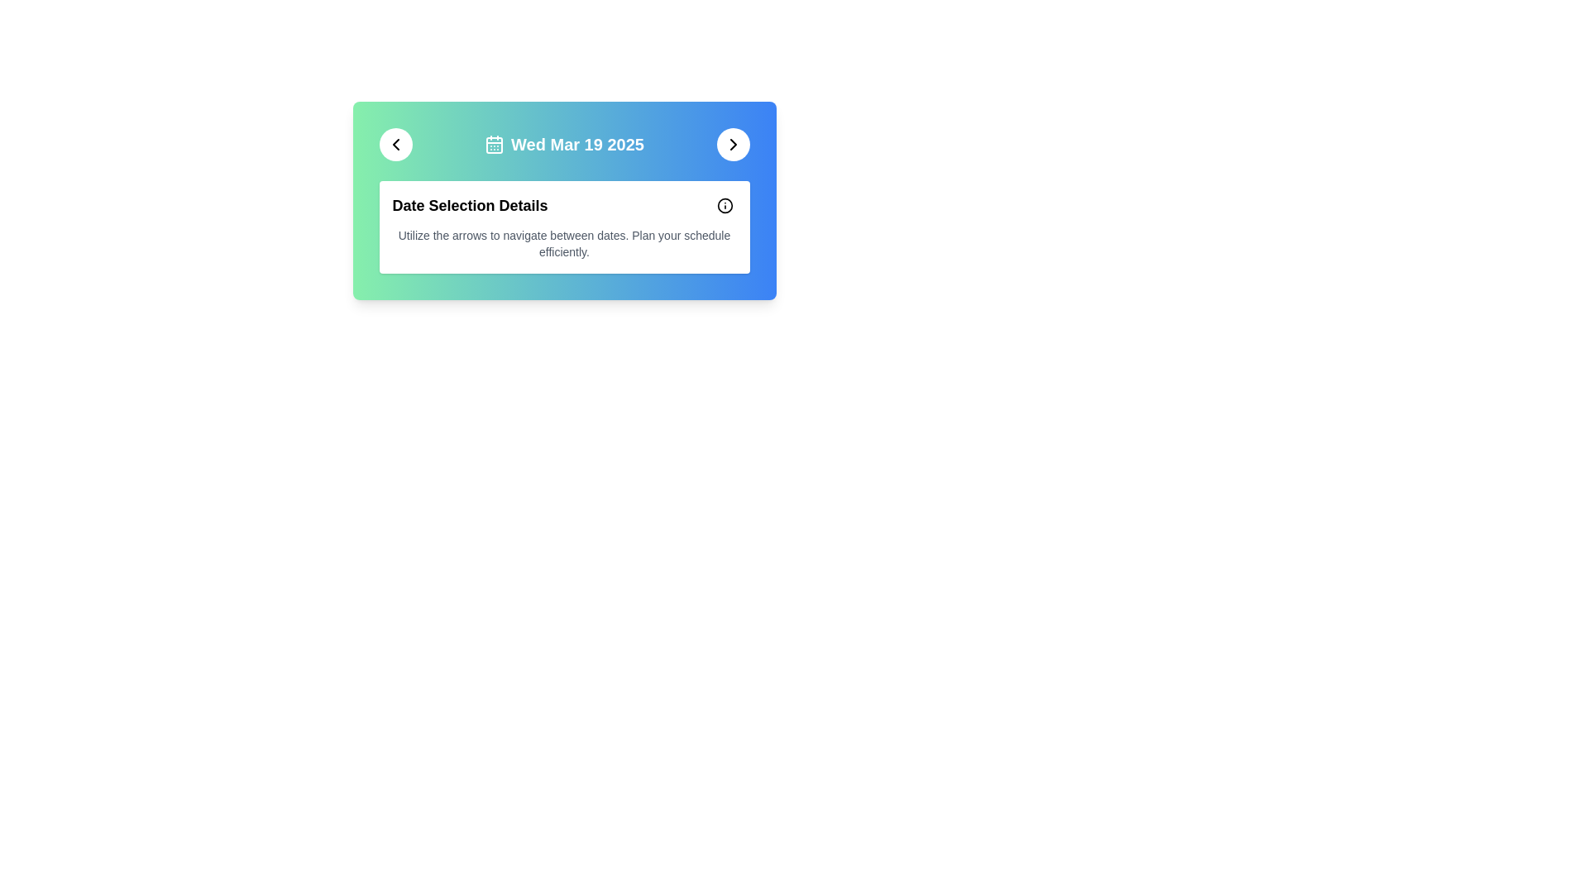 The width and height of the screenshot is (1588, 893). Describe the element at coordinates (725, 205) in the screenshot. I see `the small circular icon with a stroke-styled border located at the right end of the 'Date Selection Details' section` at that location.